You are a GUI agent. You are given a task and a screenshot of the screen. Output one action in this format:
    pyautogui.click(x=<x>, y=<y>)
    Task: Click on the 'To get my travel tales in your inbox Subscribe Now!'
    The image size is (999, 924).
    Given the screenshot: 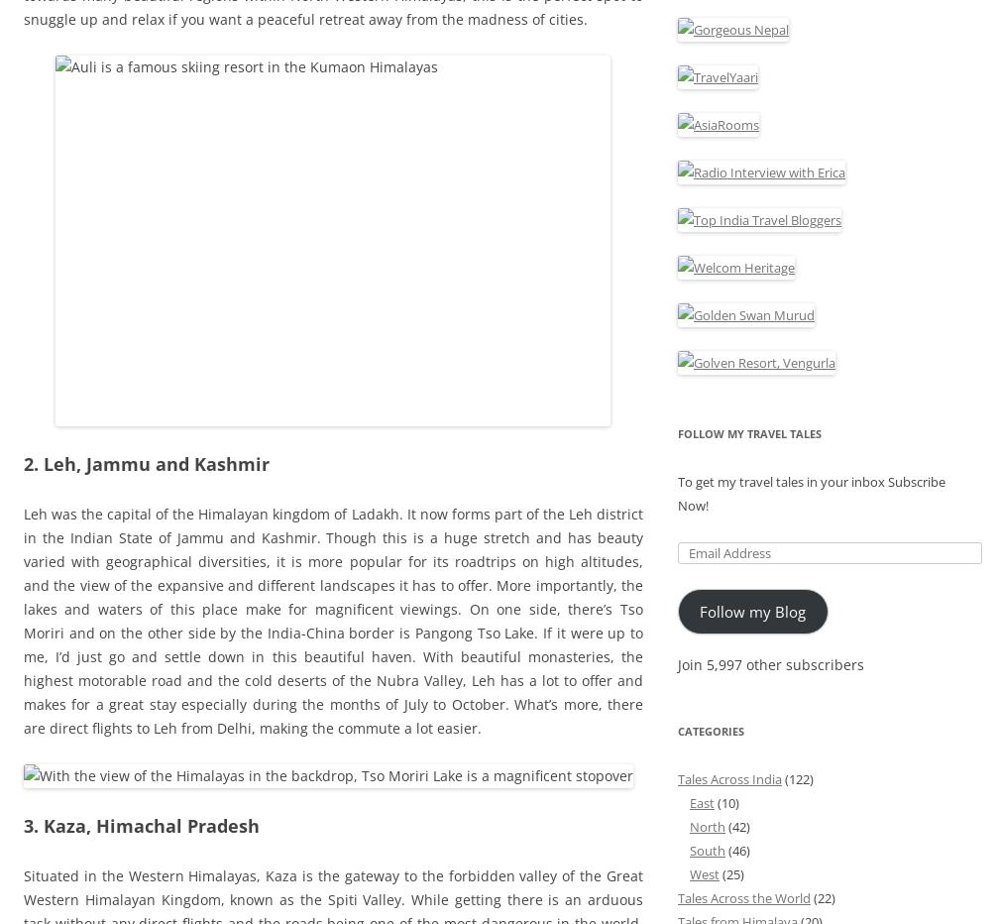 What is the action you would take?
    pyautogui.click(x=812, y=492)
    